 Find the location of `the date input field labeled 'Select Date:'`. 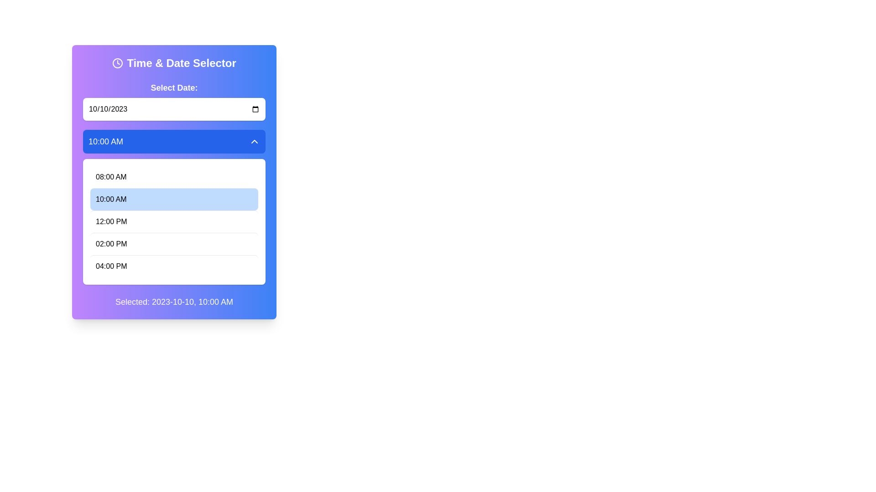

the date input field labeled 'Select Date:' is located at coordinates (174, 101).